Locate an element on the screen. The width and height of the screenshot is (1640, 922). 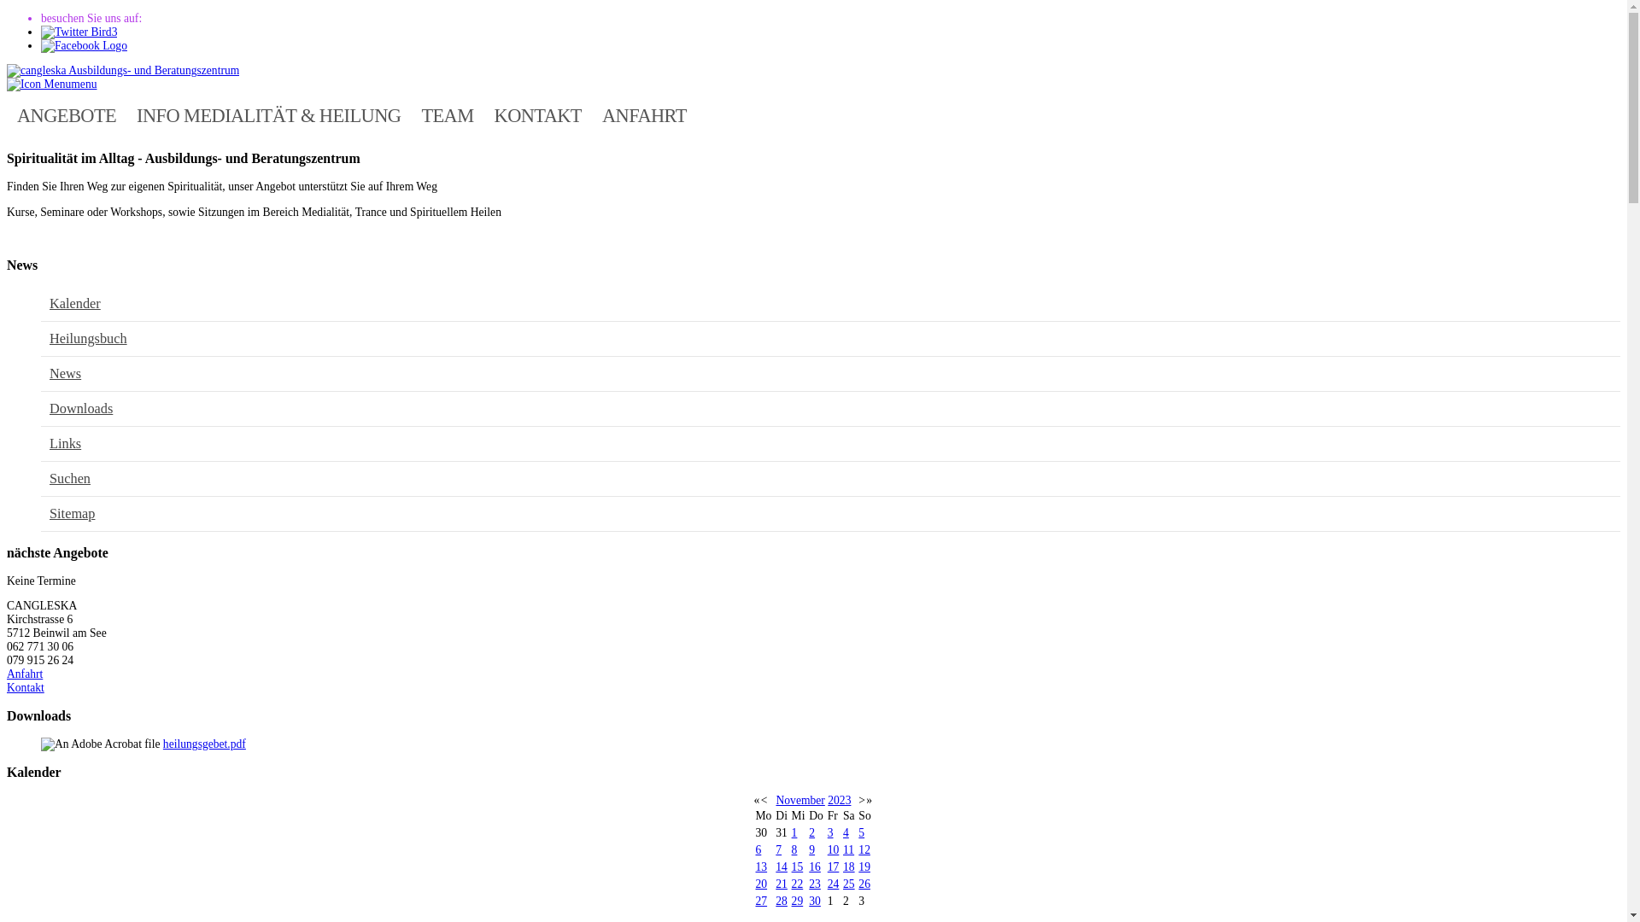
'Suchen' is located at coordinates (49, 478).